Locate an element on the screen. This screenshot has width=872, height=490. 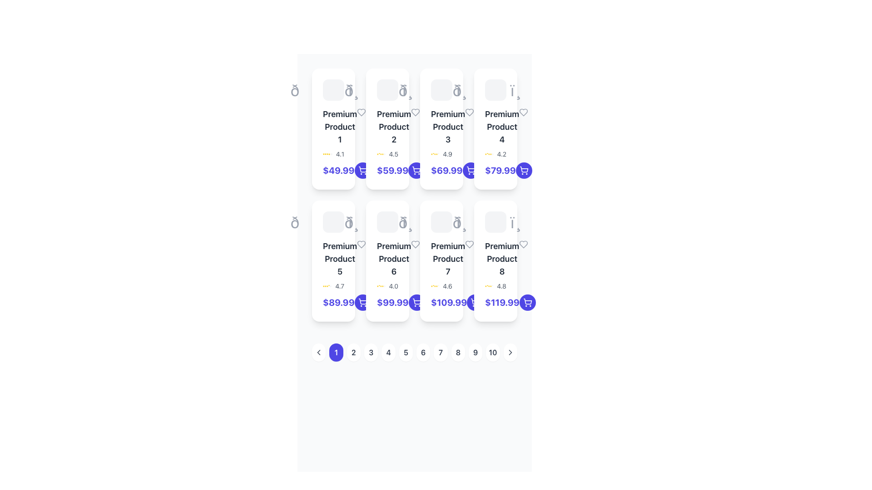
the favorite icon located at the top-right section of the card for 'Premium Product 2' to mark or unmark it as a favorite is located at coordinates (415, 112).